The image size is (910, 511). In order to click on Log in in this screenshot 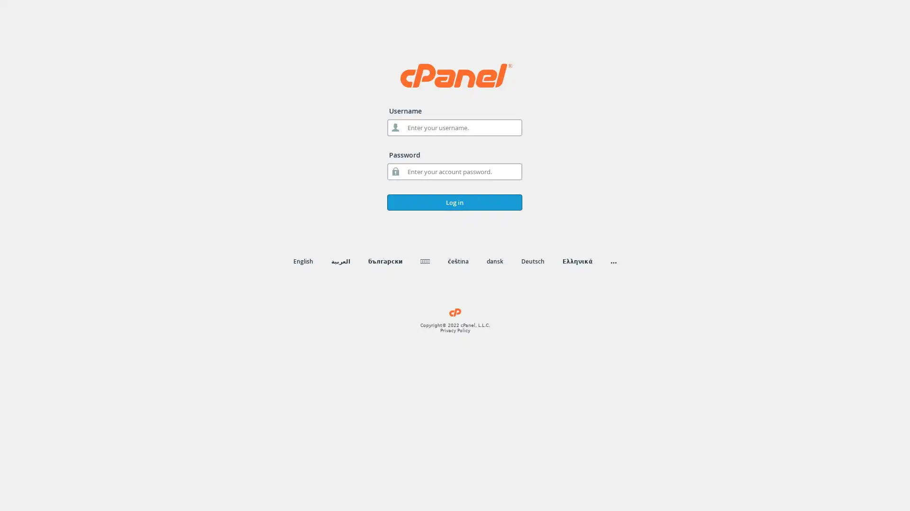, I will do `click(454, 202)`.